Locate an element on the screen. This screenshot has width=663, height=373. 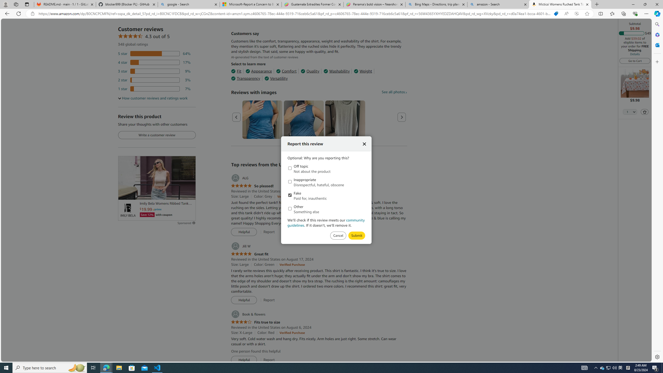
'community guidelines' is located at coordinates (326, 222).